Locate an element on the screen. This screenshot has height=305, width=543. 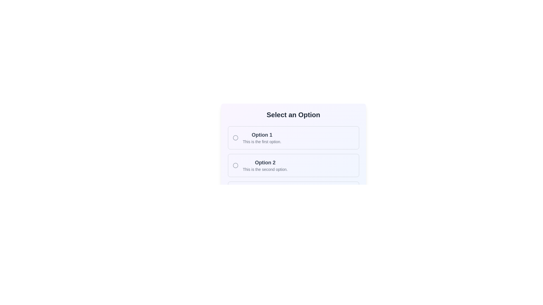
the static text element that states 'This is the second option.' which is located directly beneath the title 'Option 2' is located at coordinates (265, 169).